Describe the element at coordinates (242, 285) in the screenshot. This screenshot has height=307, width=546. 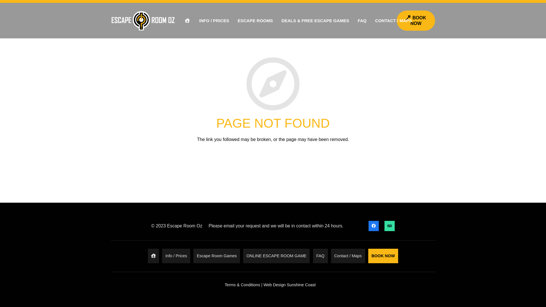
I see `'Terms & Conditions'` at that location.